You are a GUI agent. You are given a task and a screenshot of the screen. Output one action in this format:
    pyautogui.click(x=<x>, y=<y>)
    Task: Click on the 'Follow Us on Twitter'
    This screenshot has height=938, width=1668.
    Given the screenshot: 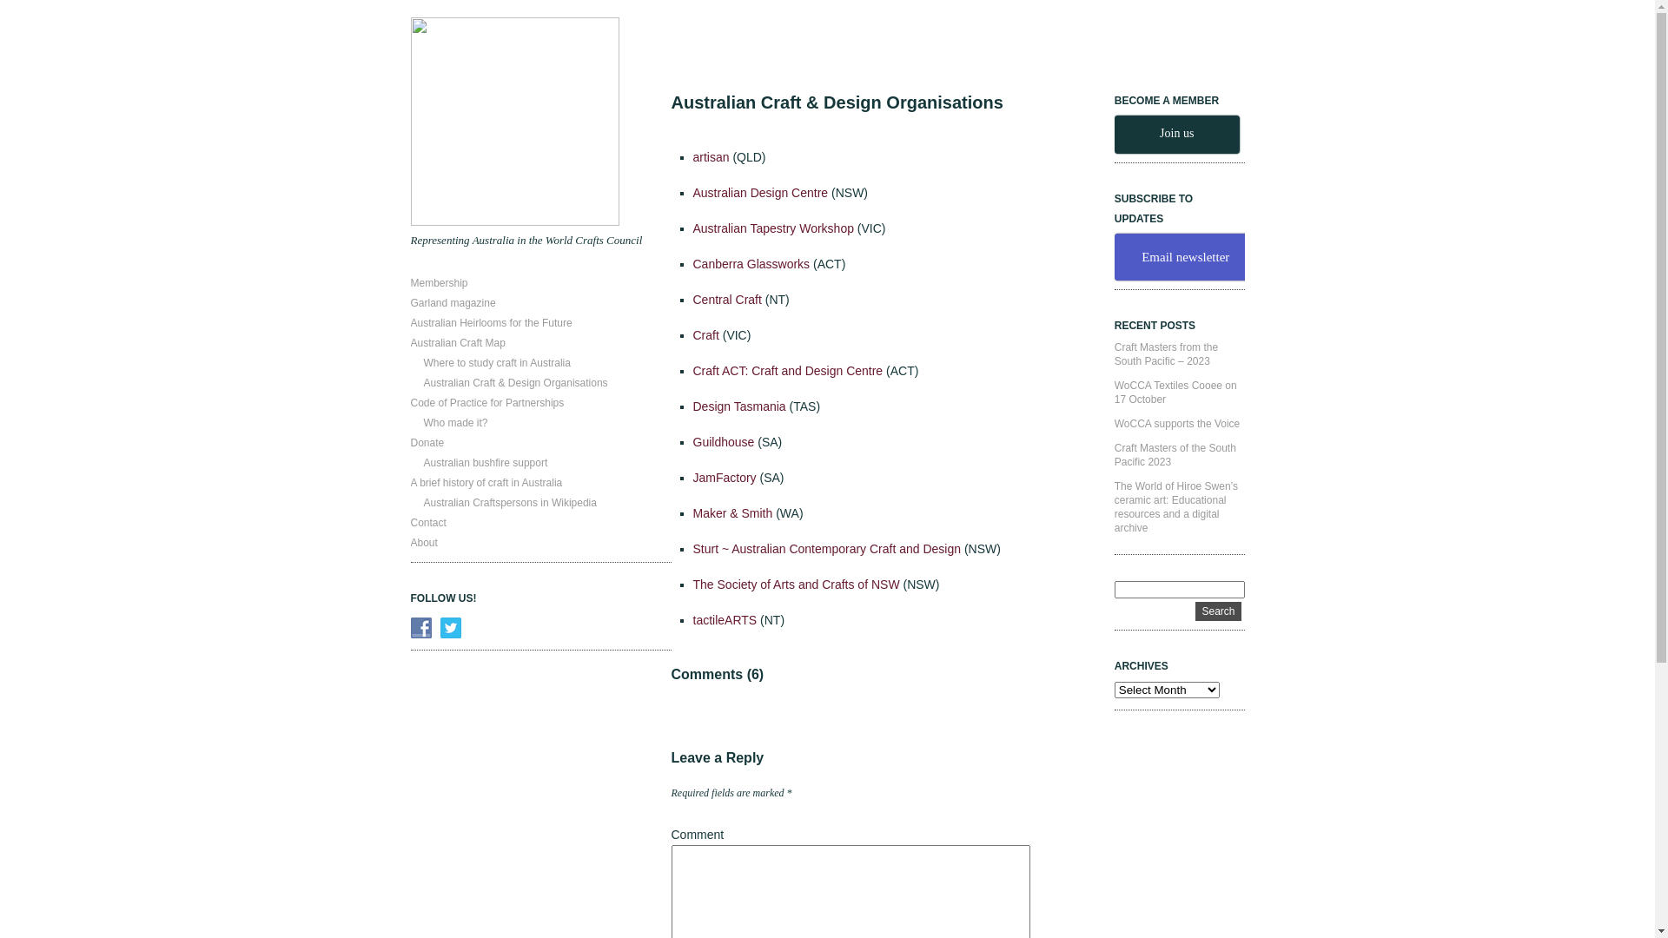 What is the action you would take?
    pyautogui.click(x=450, y=627)
    